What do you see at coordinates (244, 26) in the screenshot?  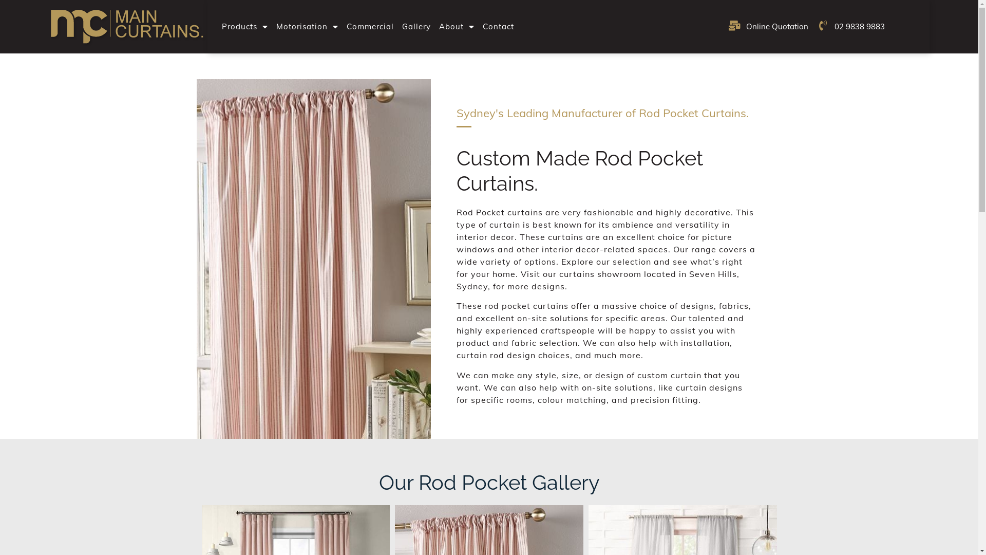 I see `'Products'` at bounding box center [244, 26].